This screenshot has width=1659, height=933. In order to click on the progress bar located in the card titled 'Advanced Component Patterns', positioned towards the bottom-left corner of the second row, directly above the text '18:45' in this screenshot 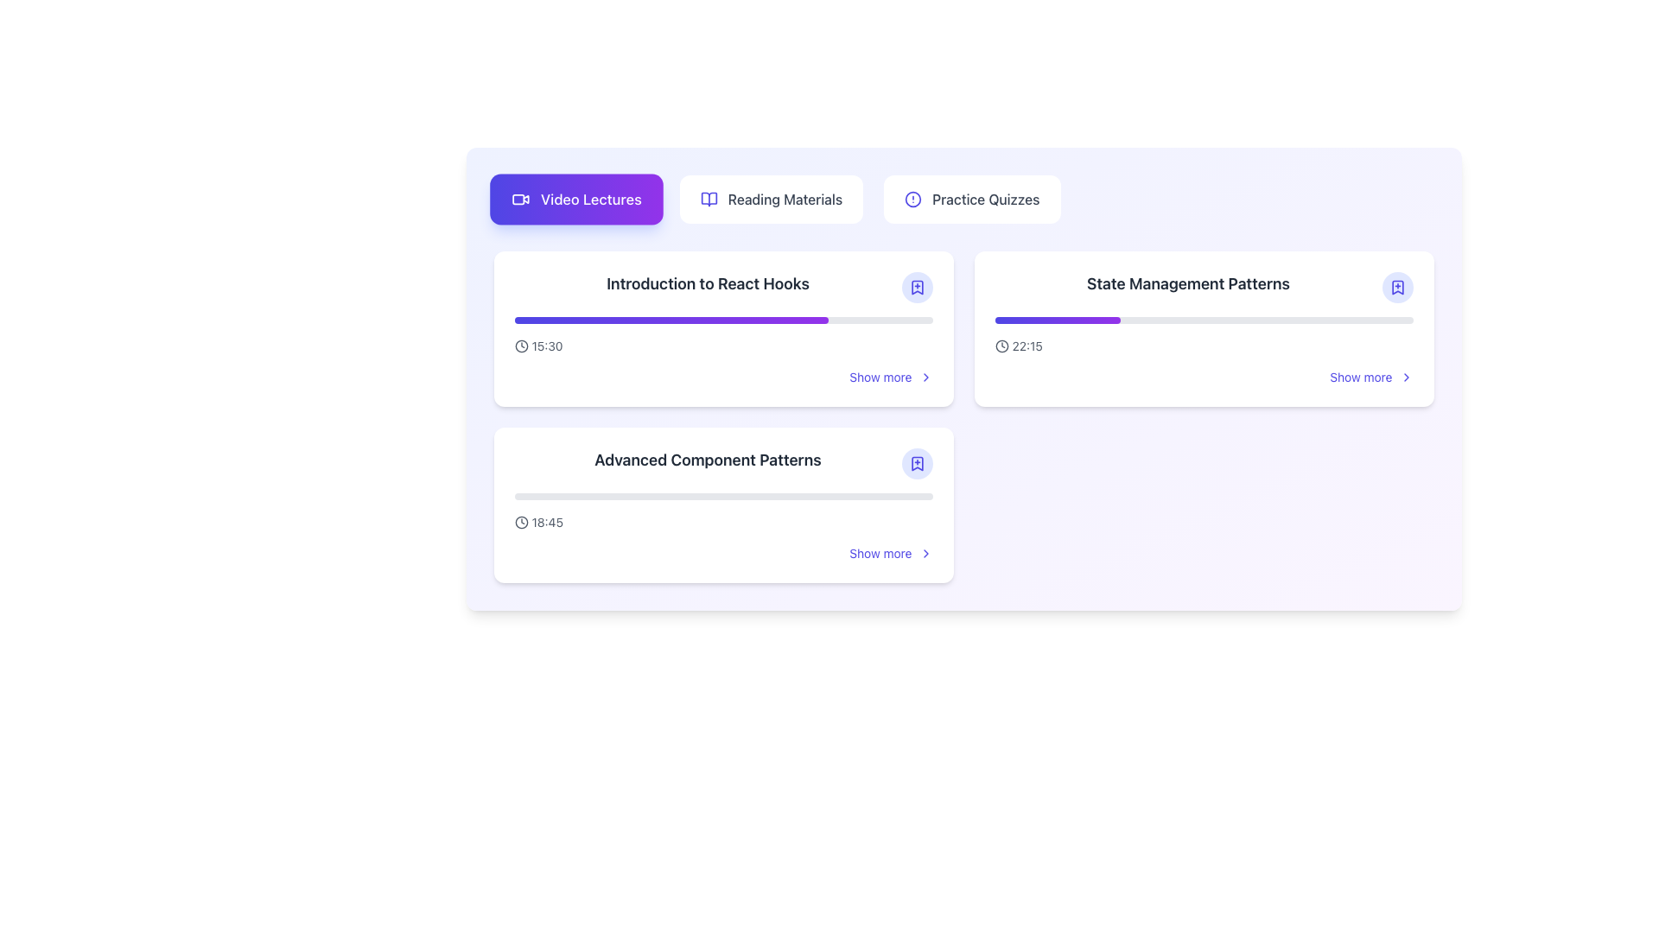, I will do `click(723, 496)`.